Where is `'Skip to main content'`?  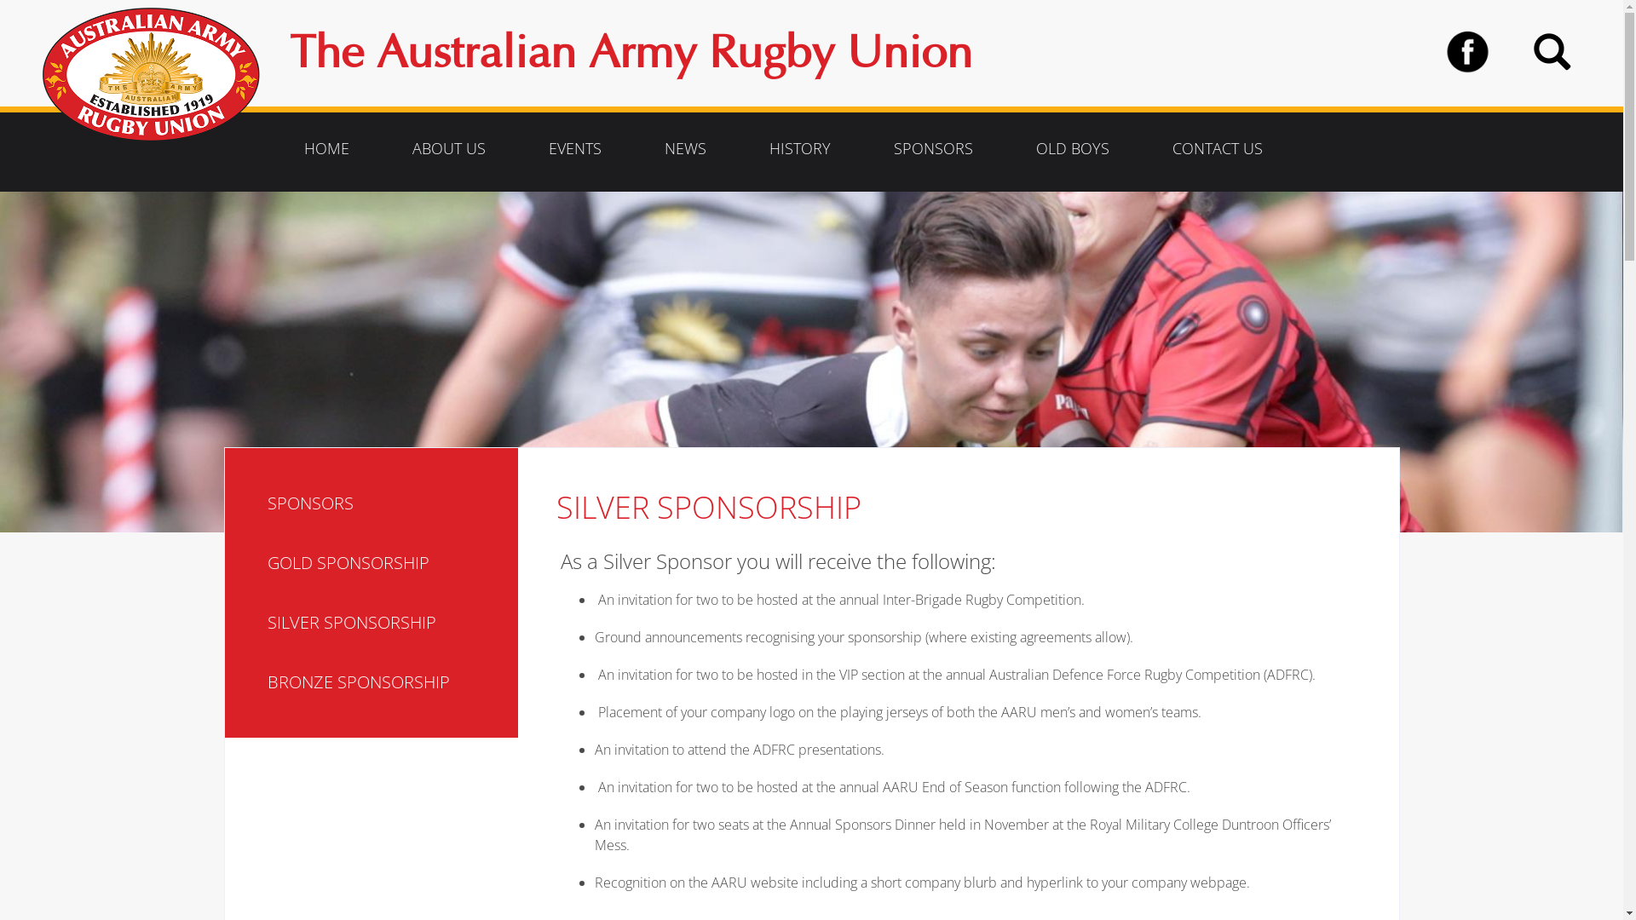 'Skip to main content' is located at coordinates (0, 192).